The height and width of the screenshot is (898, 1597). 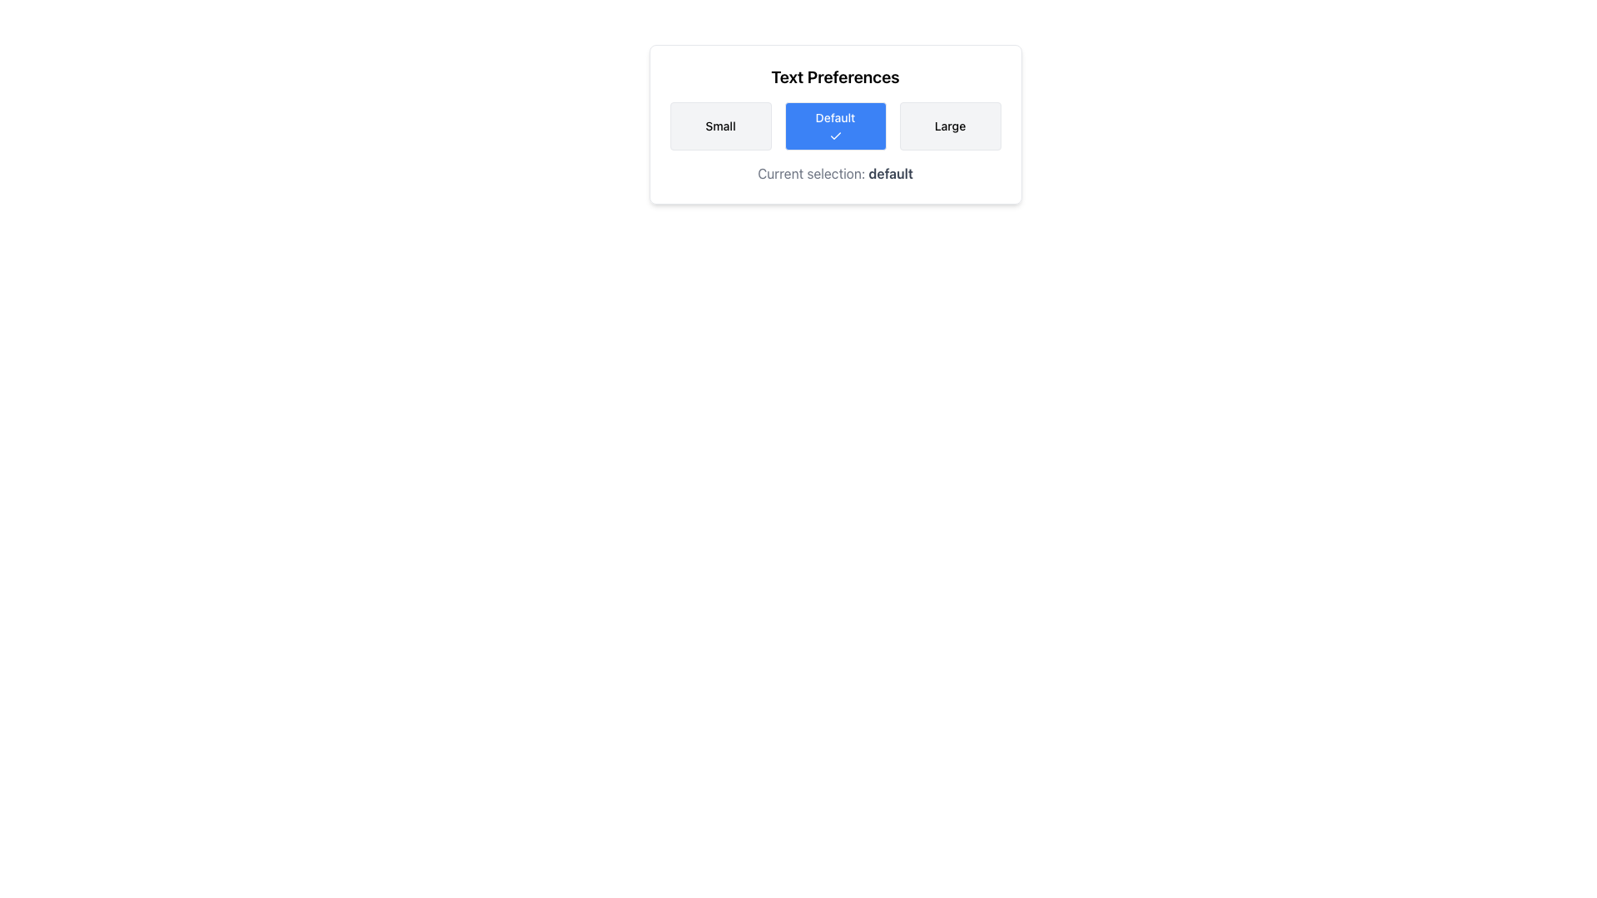 I want to click on the 'Small' button, which is the first button in a group of three, so click(x=720, y=125).